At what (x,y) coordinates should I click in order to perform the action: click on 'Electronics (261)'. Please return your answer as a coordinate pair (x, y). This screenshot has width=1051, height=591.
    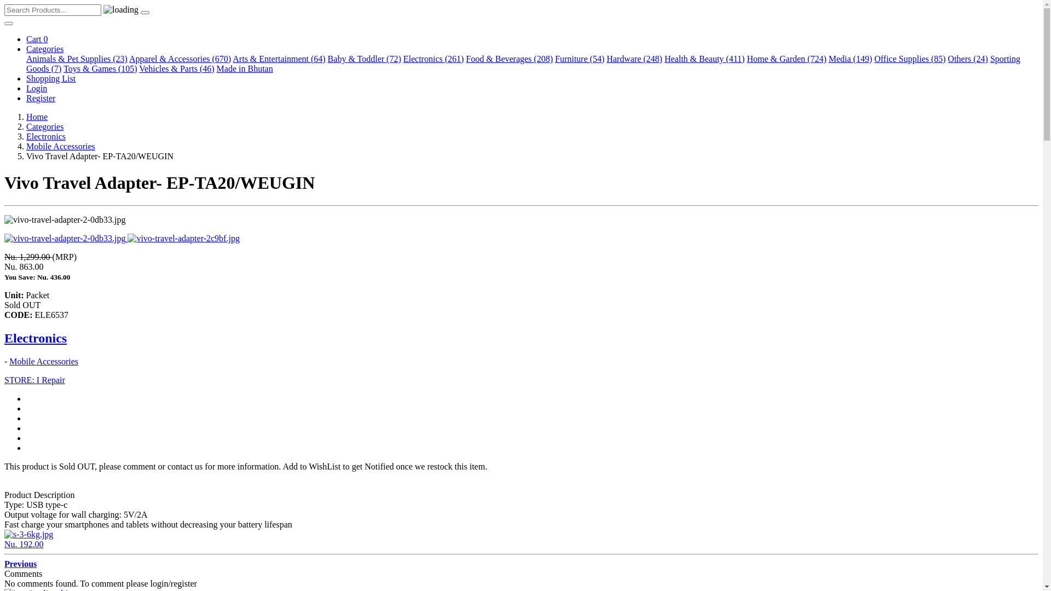
    Looking at the image, I should click on (433, 59).